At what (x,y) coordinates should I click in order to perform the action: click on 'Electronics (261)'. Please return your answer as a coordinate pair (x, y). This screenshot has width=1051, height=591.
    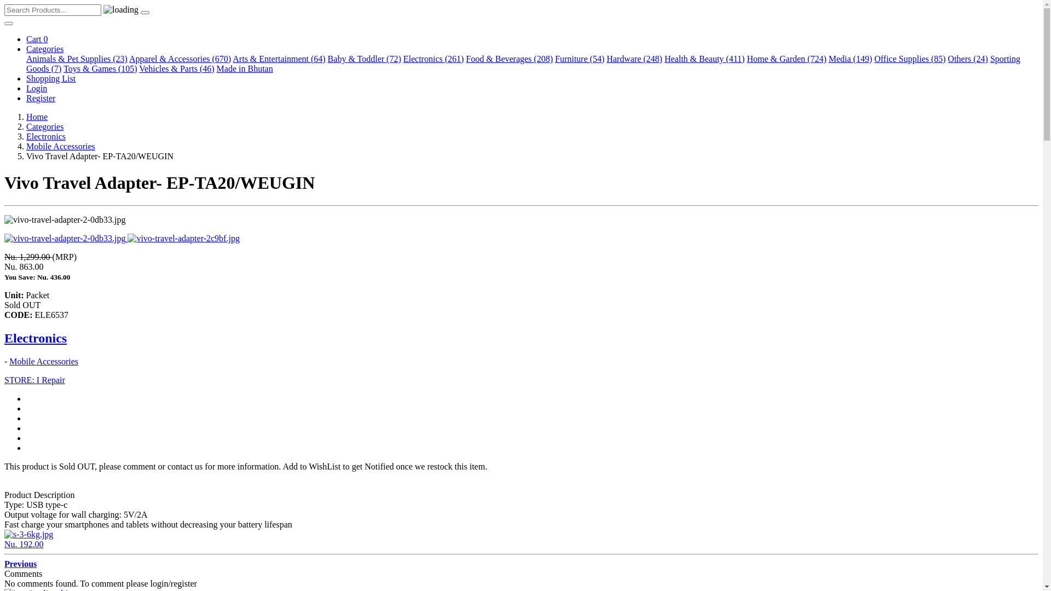
    Looking at the image, I should click on (433, 59).